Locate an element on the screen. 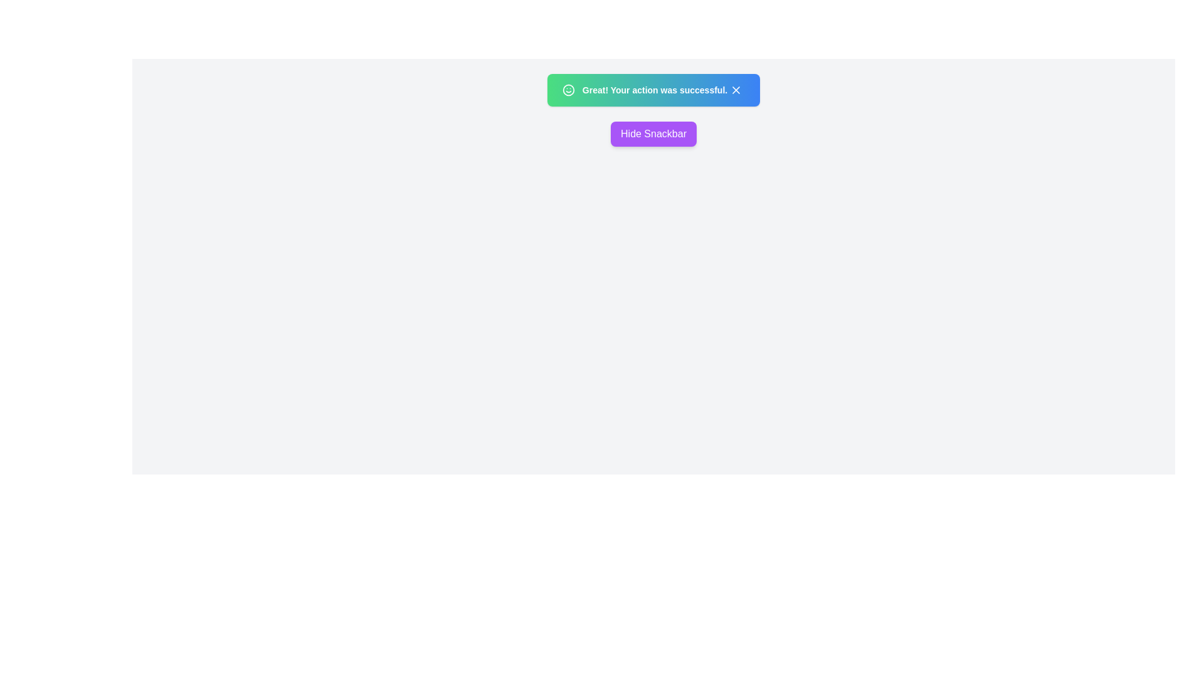 This screenshot has width=1204, height=677. 'Hide Snackbar' button to toggle the snackbar's visibility is located at coordinates (652, 134).